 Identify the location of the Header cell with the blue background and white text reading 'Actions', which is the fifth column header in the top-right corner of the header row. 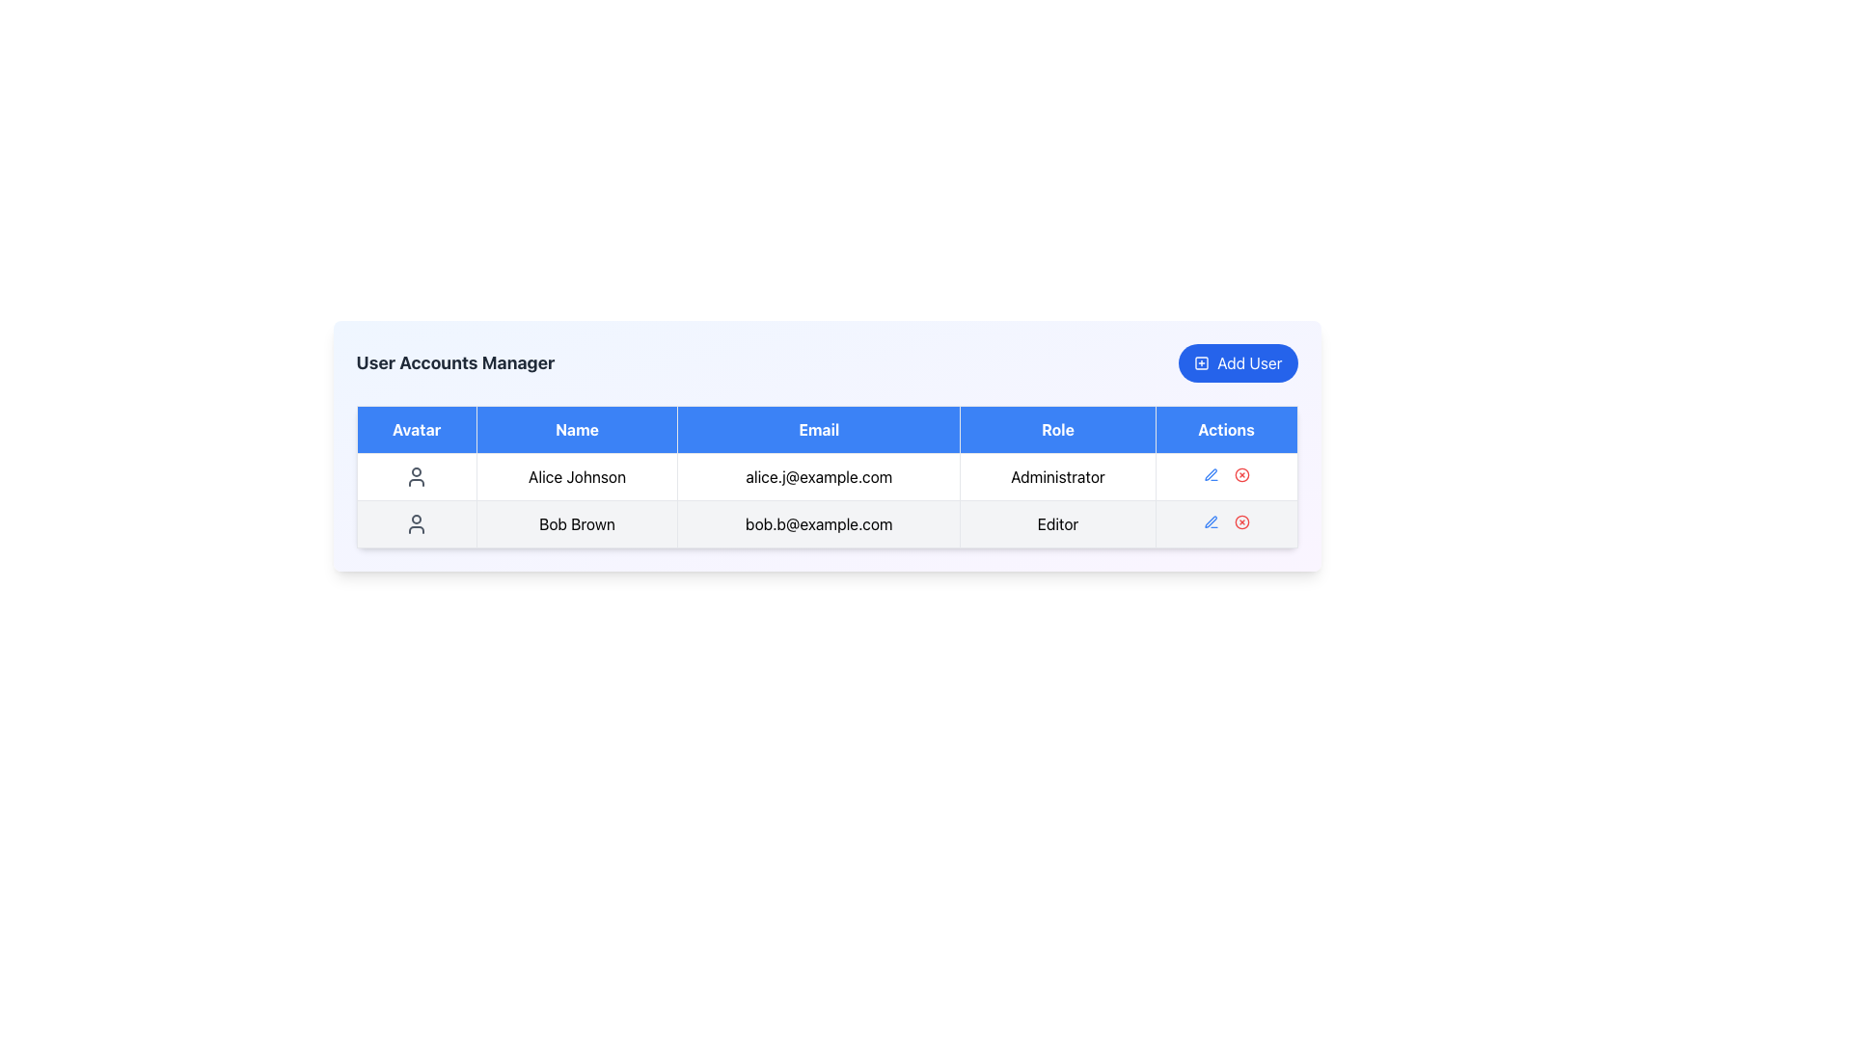
(1225, 429).